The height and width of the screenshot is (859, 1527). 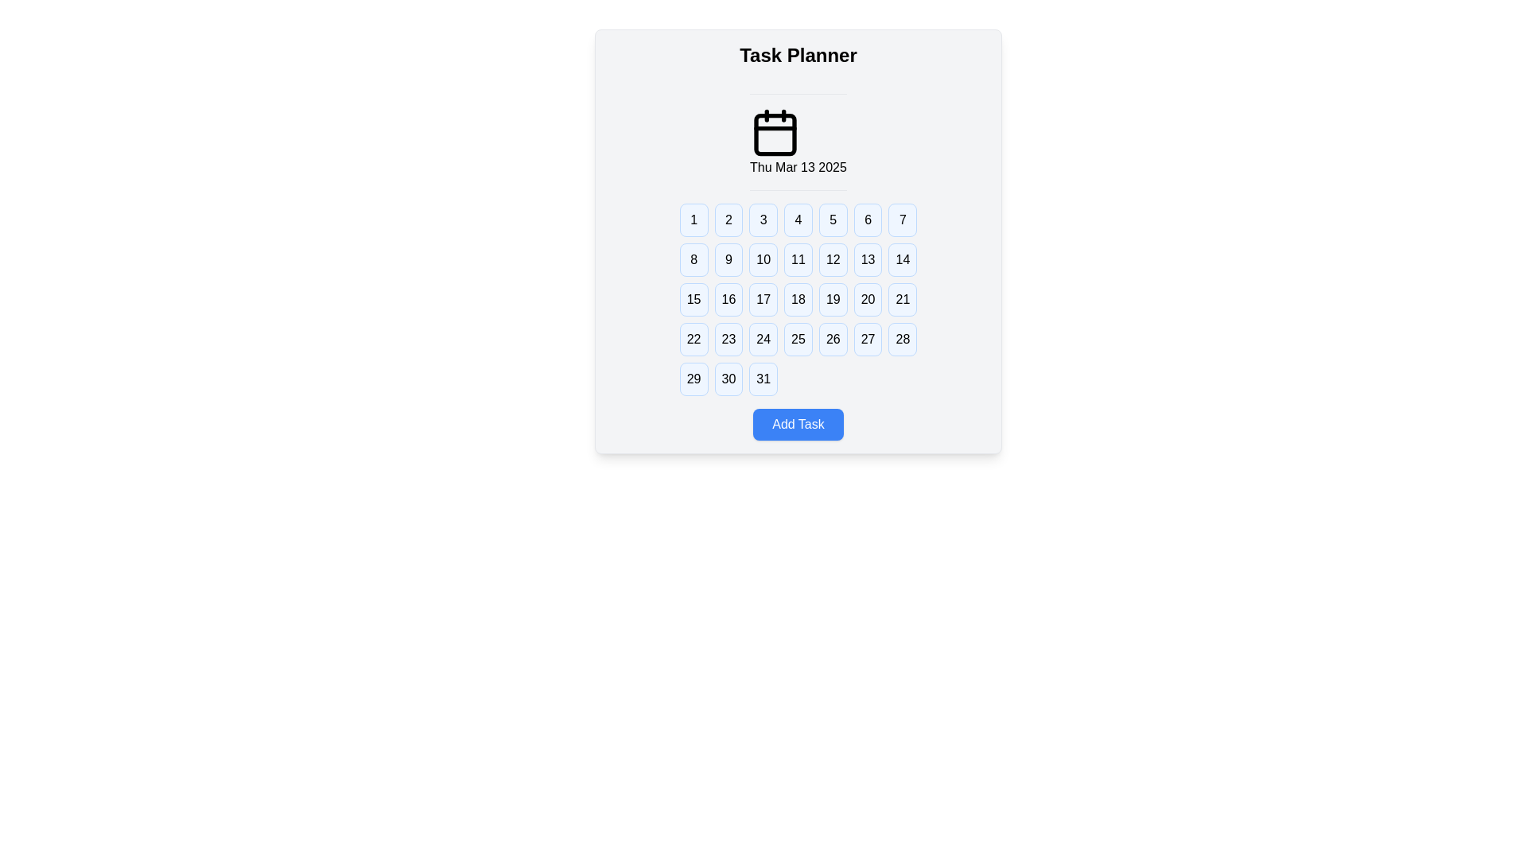 I want to click on the button representing the date '22' in the calendar view, so click(x=694, y=339).